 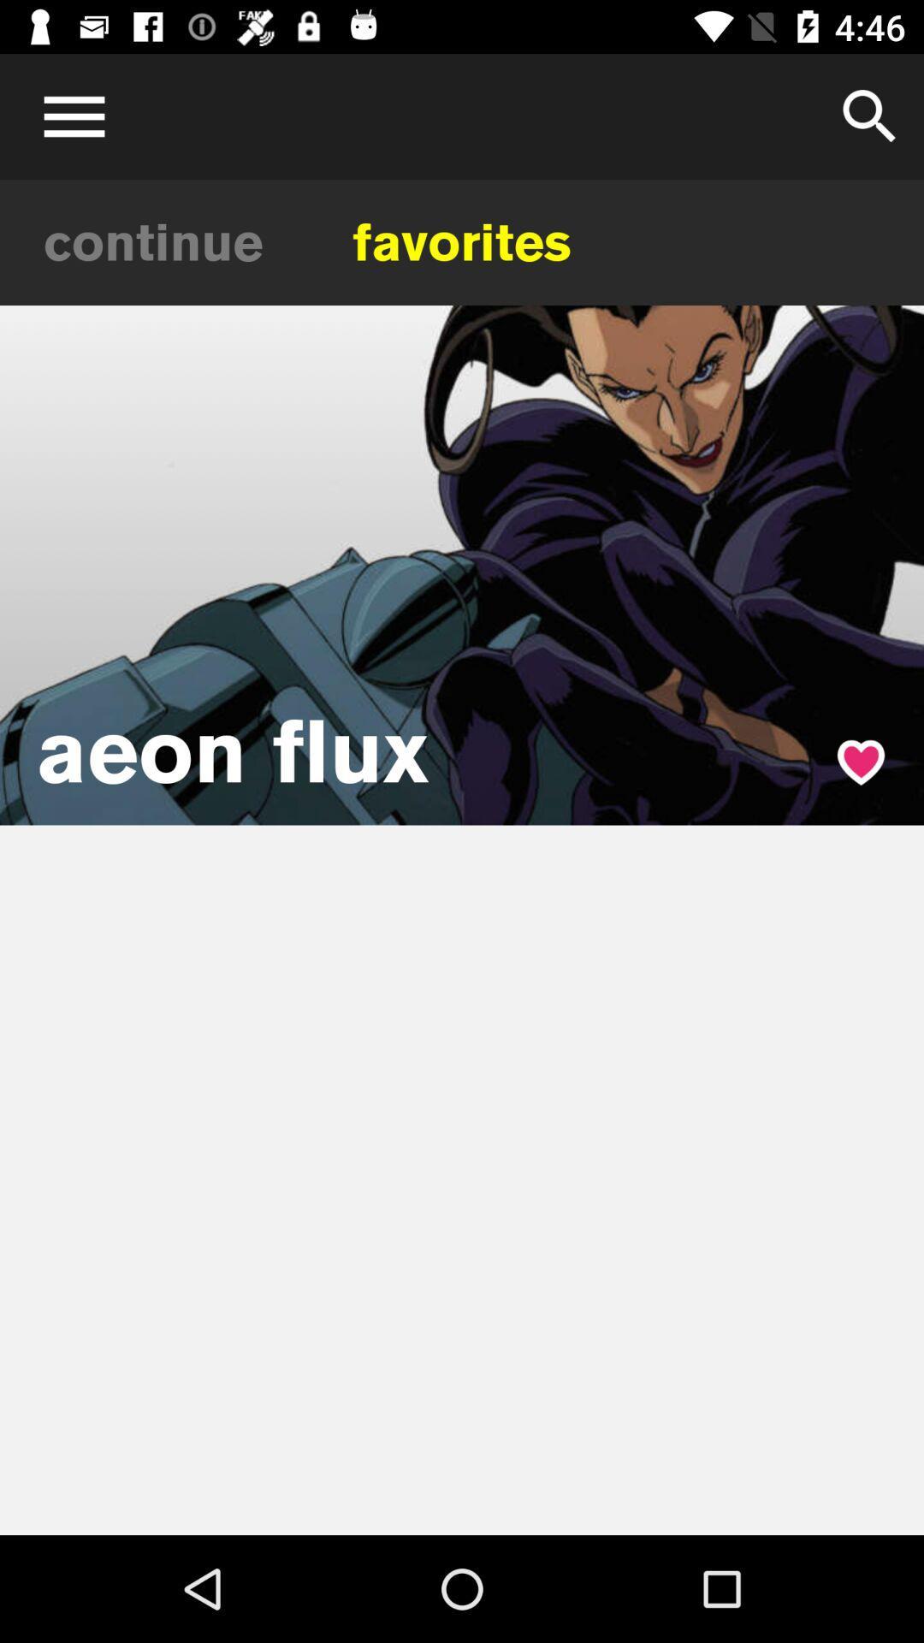 What do you see at coordinates (68, 116) in the screenshot?
I see `open menu` at bounding box center [68, 116].